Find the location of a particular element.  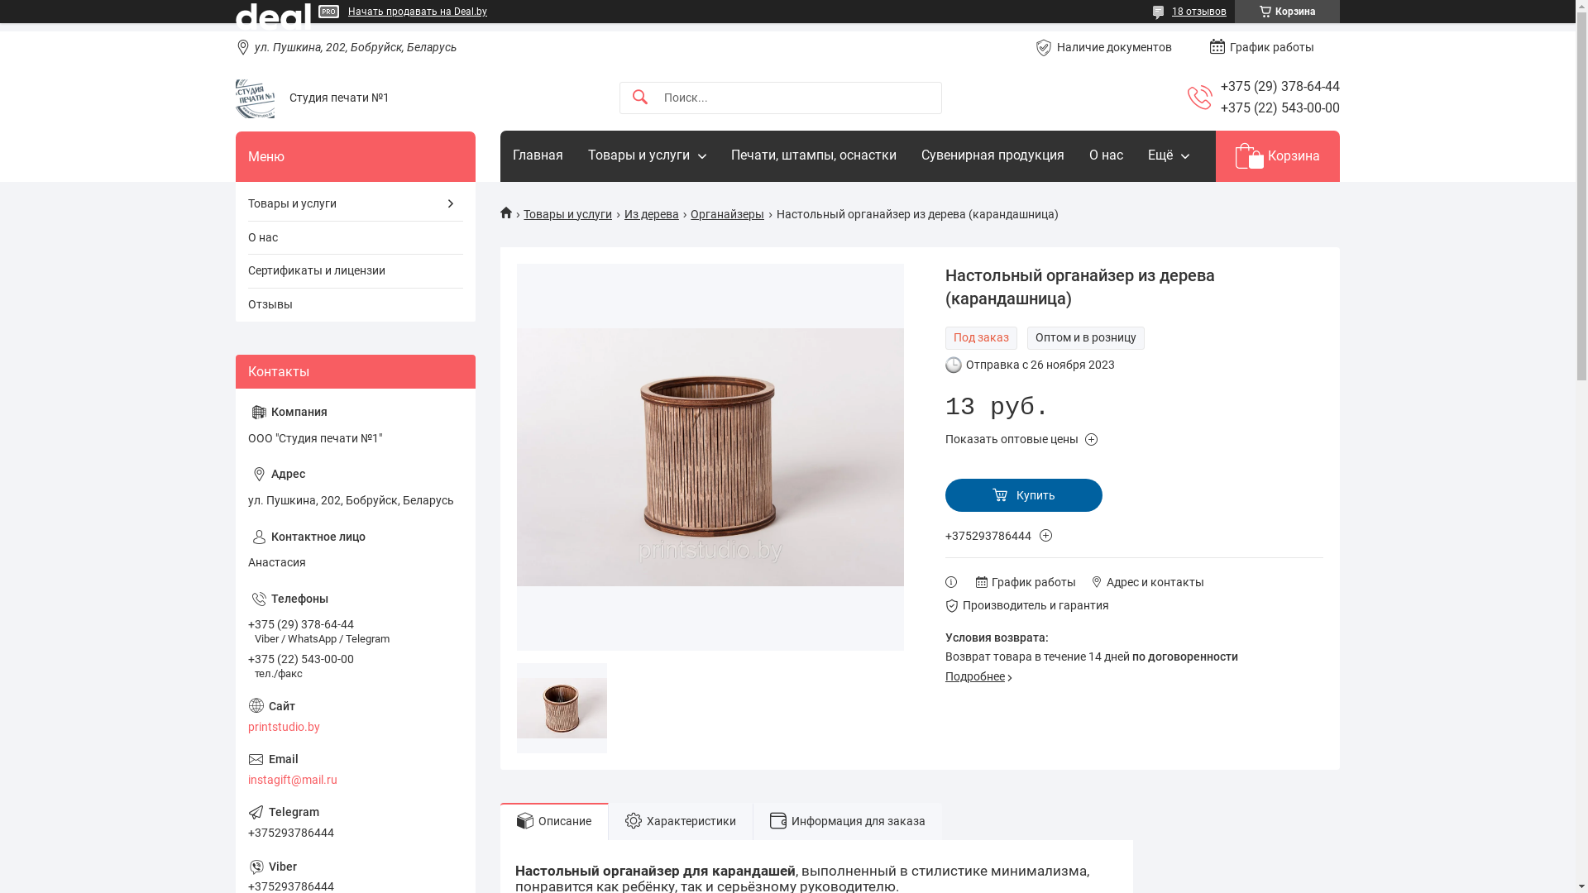

'printstudio.by' is located at coordinates (355, 715).